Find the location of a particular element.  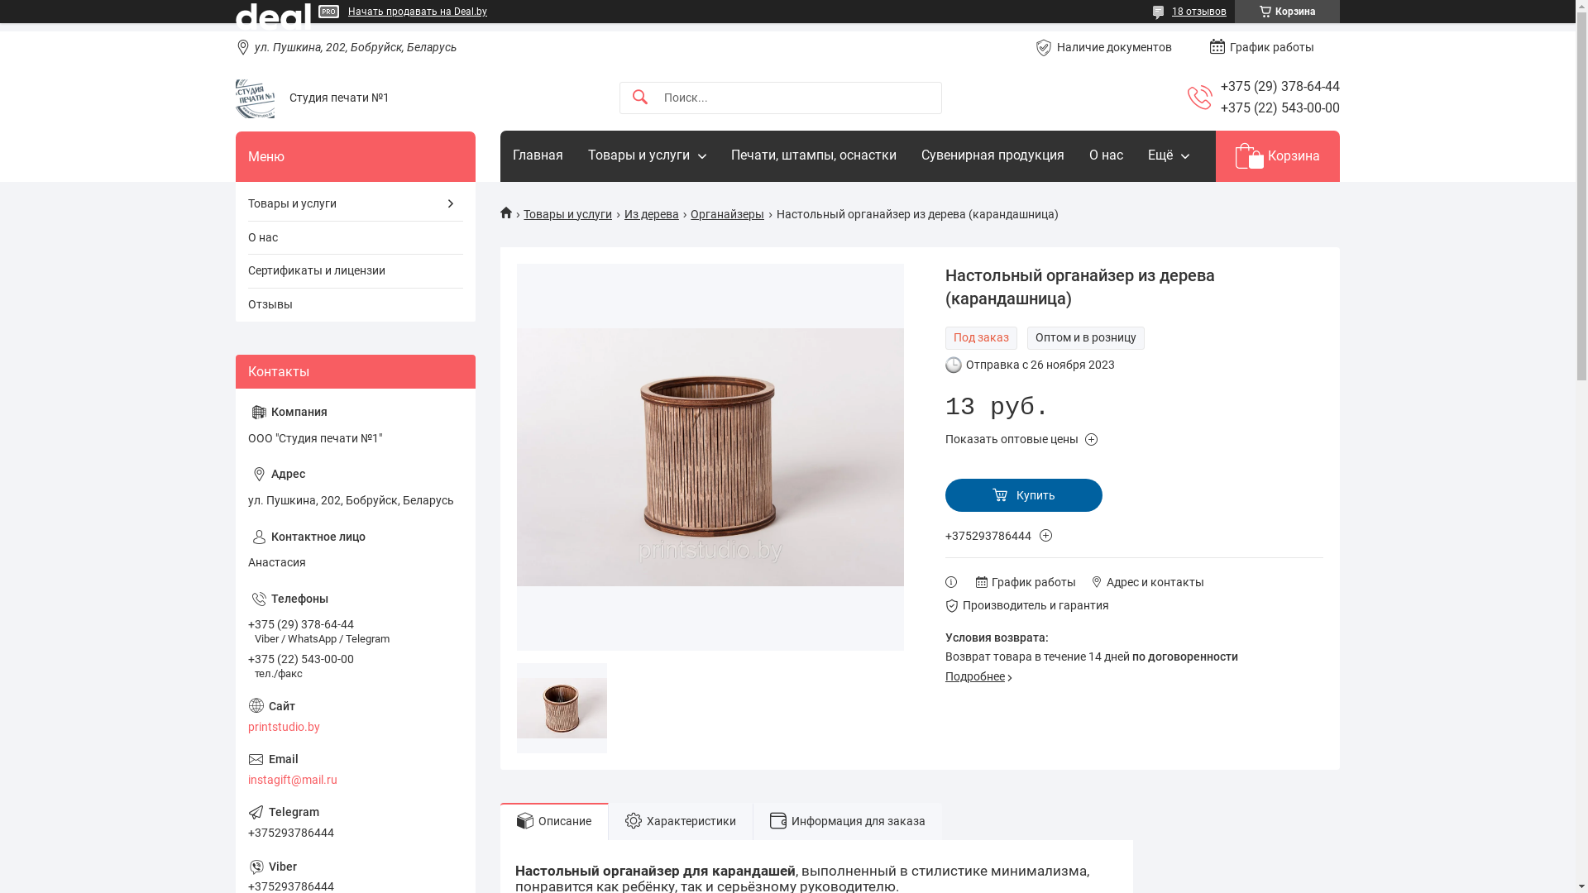

'printstudio.by' is located at coordinates (355, 715).